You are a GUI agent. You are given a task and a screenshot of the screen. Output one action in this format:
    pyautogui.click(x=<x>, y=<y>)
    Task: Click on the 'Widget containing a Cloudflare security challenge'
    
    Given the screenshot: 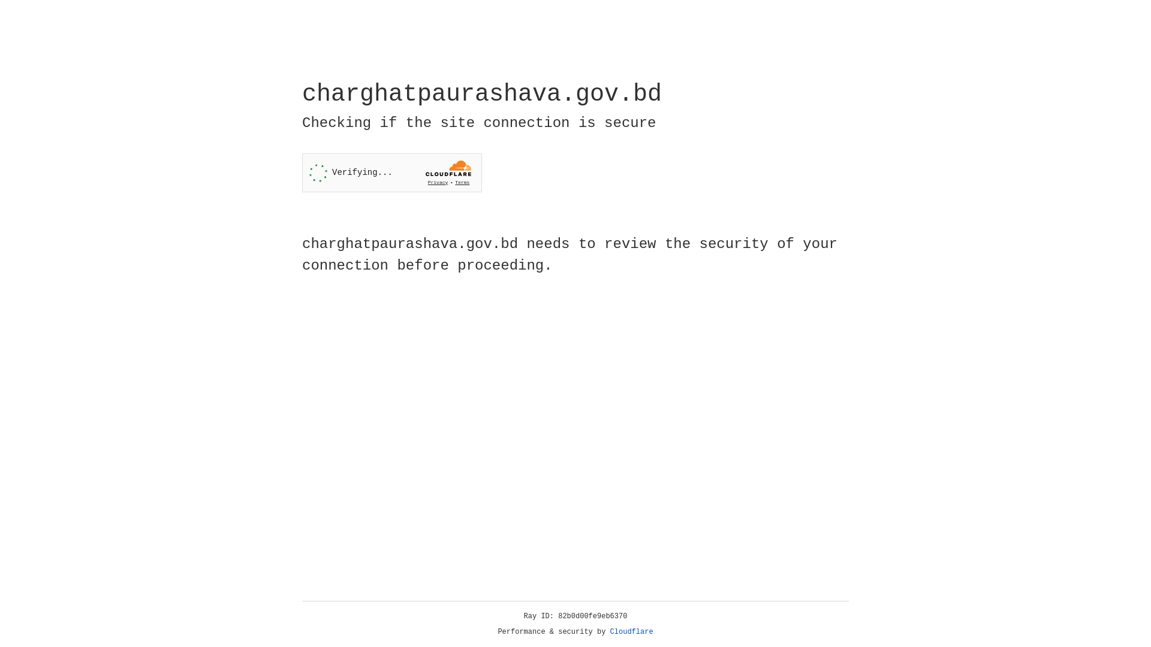 What is the action you would take?
    pyautogui.click(x=391, y=173)
    